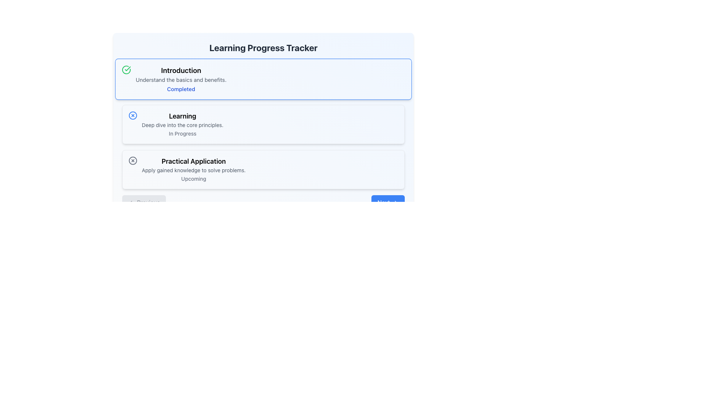 Image resolution: width=711 pixels, height=400 pixels. What do you see at coordinates (183, 133) in the screenshot?
I see `the text label displaying 'In Progress', which is styled in small gray font and positioned below the title 'Learning' and the descriptive text 'Deep dive into the core principles.'` at bounding box center [183, 133].